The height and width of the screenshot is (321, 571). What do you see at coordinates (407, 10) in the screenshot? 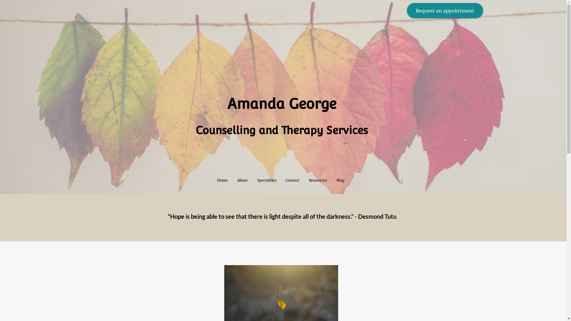
I see `'Request an appointment'` at bounding box center [407, 10].